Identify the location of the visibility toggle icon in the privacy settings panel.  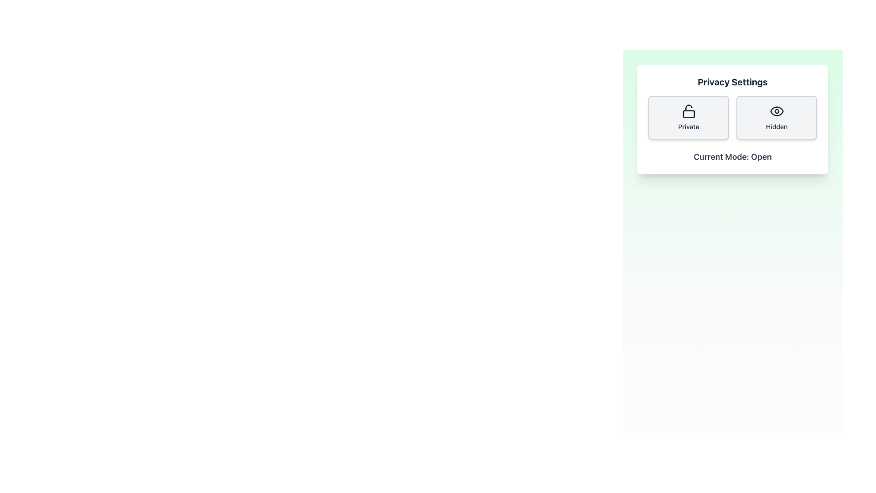
(776, 110).